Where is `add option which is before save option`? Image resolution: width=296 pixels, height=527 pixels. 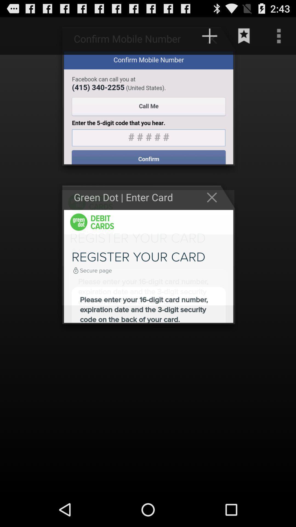
add option which is before save option is located at coordinates (214, 38).